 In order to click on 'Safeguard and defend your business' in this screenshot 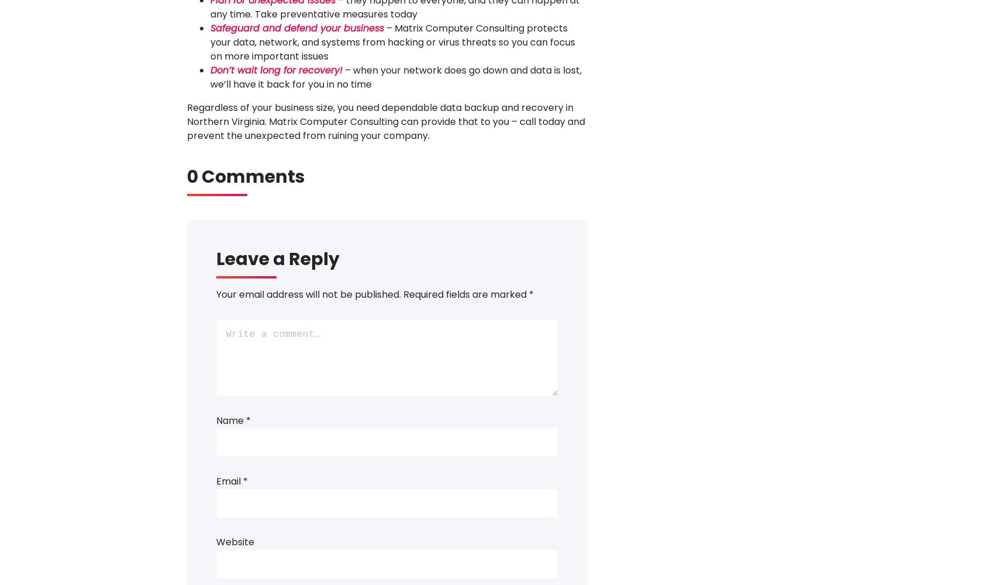, I will do `click(296, 28)`.